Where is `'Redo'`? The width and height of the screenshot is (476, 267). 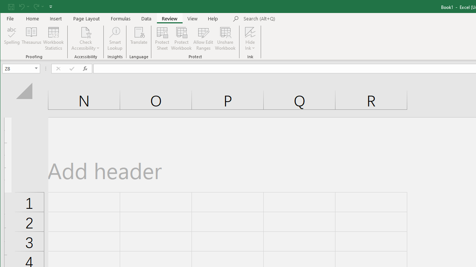 'Redo' is located at coordinates (35, 6).